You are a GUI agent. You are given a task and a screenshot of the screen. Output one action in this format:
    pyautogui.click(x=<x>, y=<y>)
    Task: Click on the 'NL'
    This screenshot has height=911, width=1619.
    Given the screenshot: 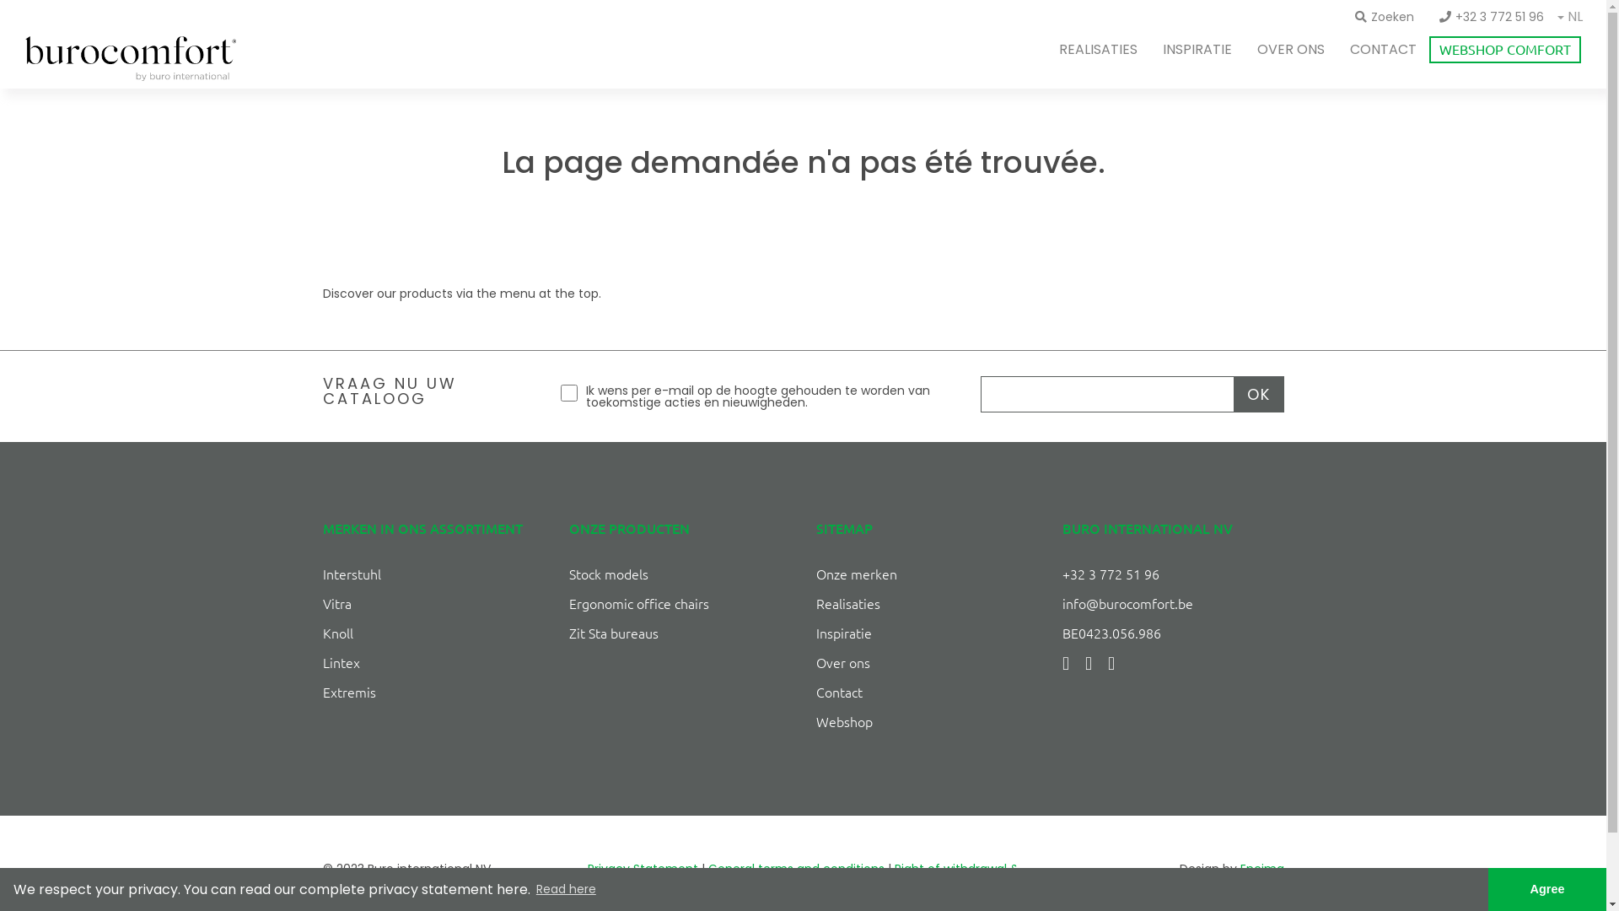 What is the action you would take?
    pyautogui.click(x=1573, y=18)
    